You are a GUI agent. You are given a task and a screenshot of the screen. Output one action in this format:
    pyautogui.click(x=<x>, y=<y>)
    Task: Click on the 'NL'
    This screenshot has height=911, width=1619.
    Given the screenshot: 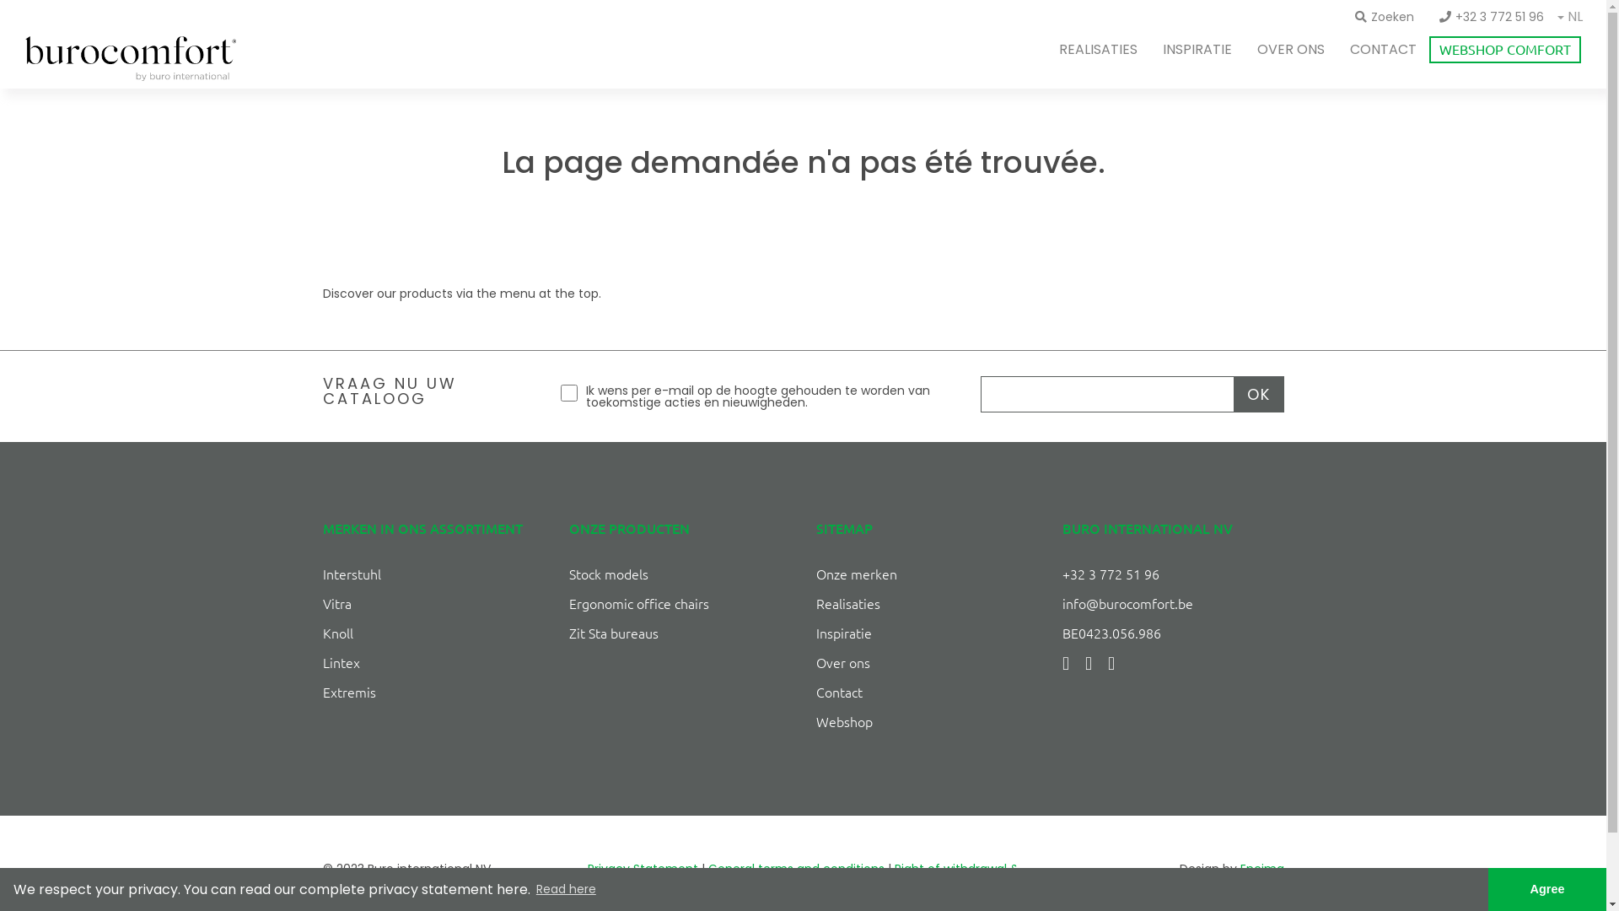 What is the action you would take?
    pyautogui.click(x=1573, y=18)
    